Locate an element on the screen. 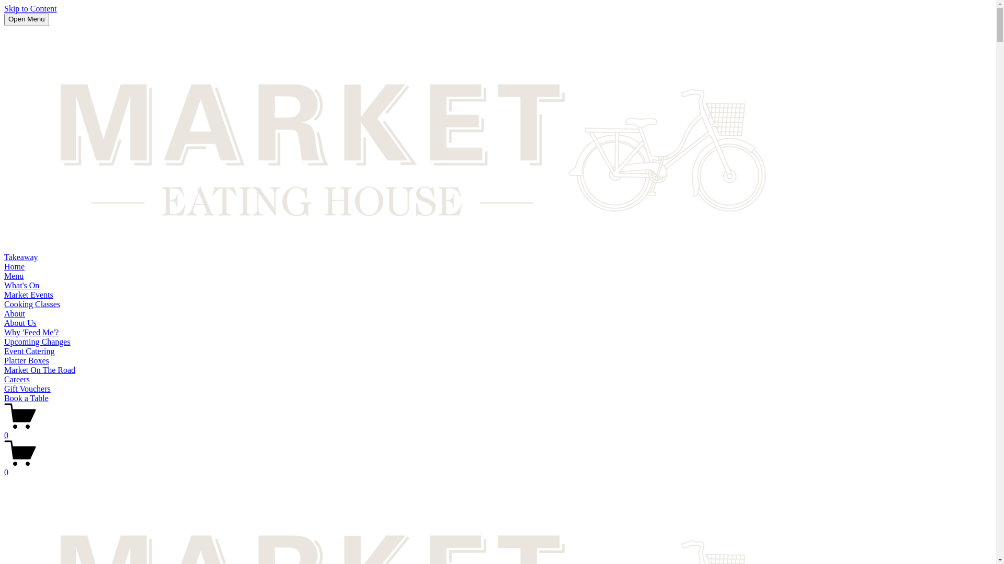 The width and height of the screenshot is (1004, 564). '0' is located at coordinates (4, 467).